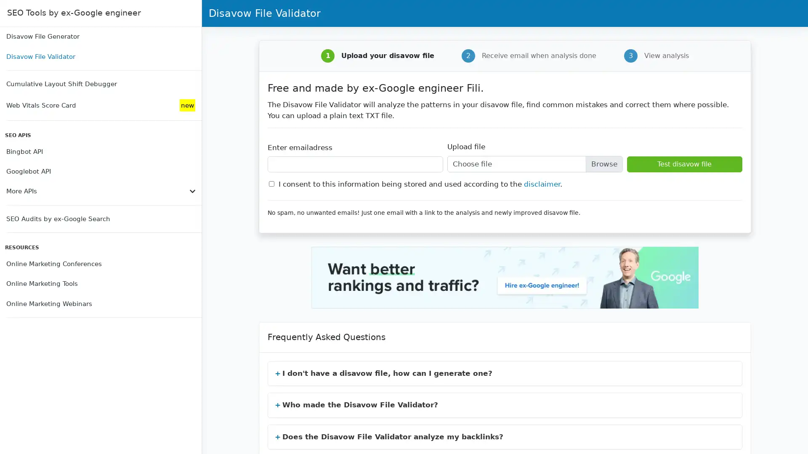 Image resolution: width=808 pixels, height=454 pixels. What do you see at coordinates (470, 162) in the screenshot?
I see `Choose File` at bounding box center [470, 162].